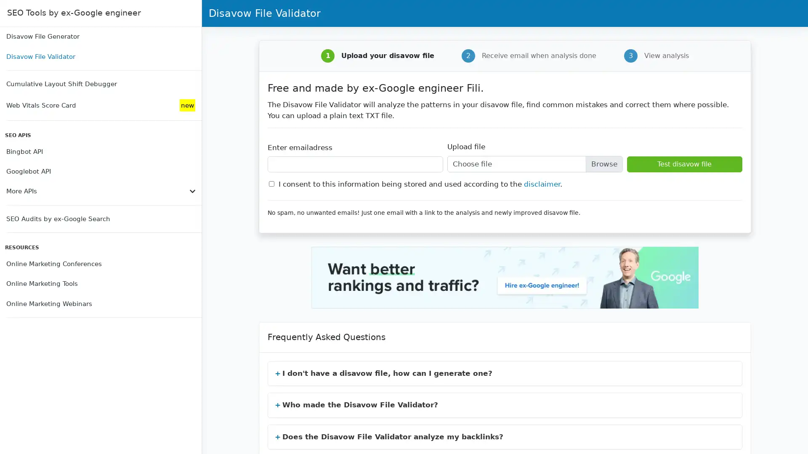 Image resolution: width=808 pixels, height=454 pixels. What do you see at coordinates (470, 162) in the screenshot?
I see `Choose File` at bounding box center [470, 162].